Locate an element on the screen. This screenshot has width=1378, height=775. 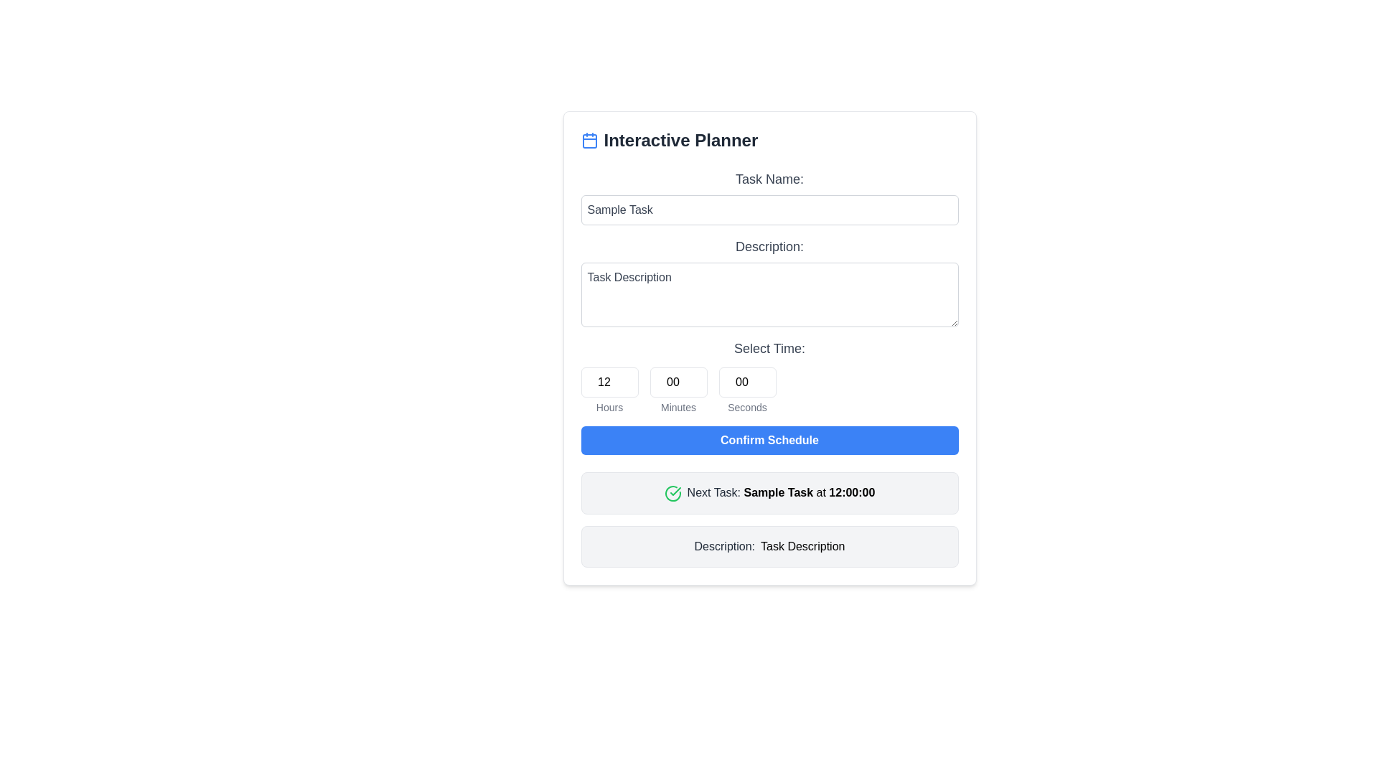
the label indicating the purpose of the numeric input for minute selection, positioned in the 'Select Time' section, directly below the numeric input field is located at coordinates (678, 407).